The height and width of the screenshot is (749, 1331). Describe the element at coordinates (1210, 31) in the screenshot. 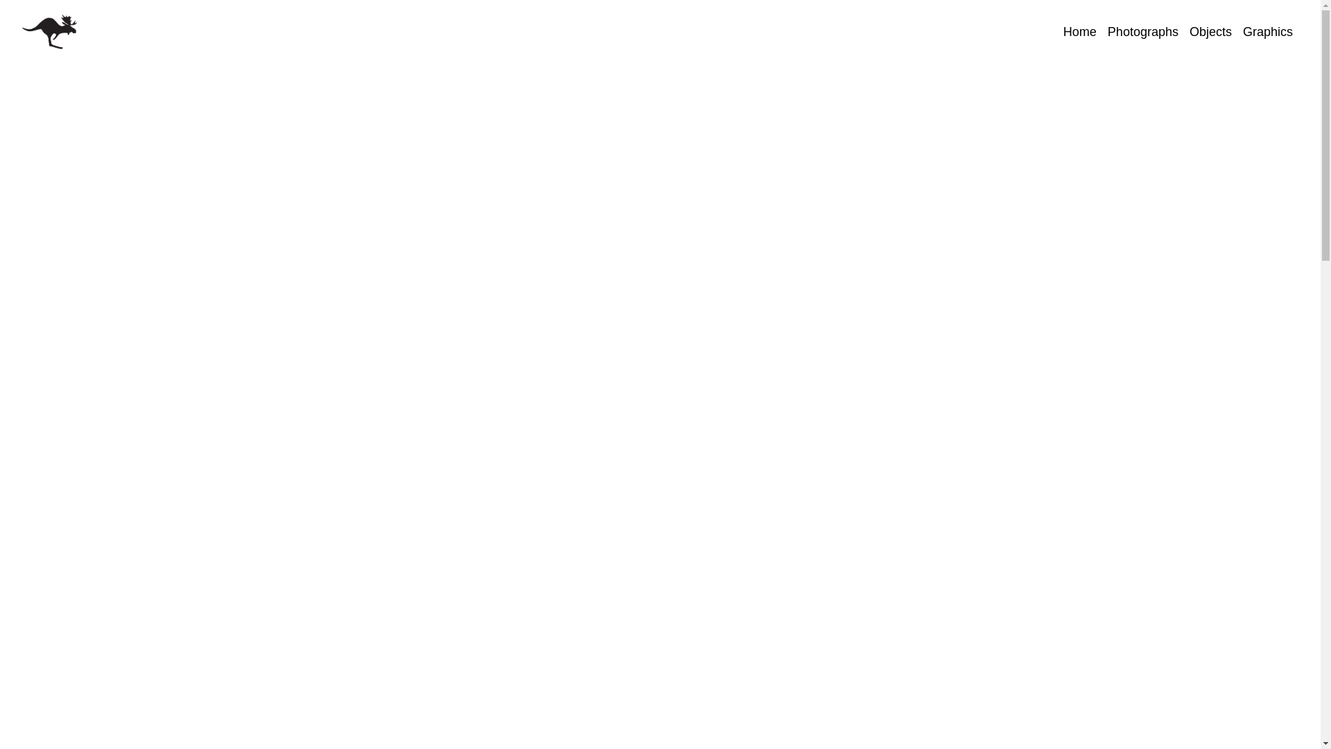

I see `'Objects'` at that location.